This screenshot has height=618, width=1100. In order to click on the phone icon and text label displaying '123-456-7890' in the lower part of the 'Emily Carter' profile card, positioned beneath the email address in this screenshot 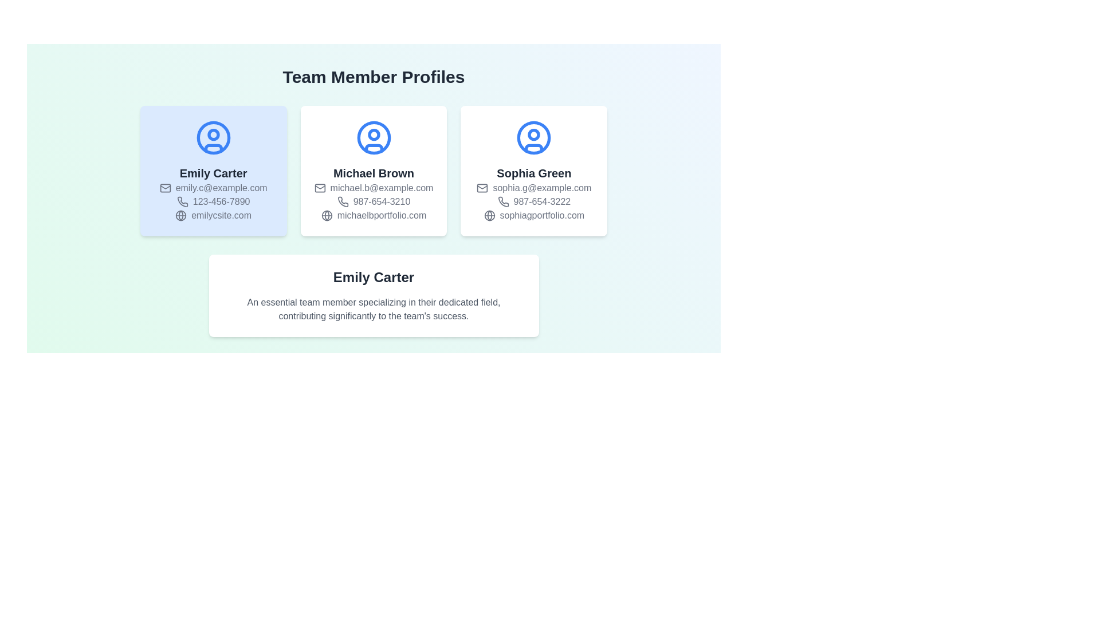, I will do `click(213, 201)`.